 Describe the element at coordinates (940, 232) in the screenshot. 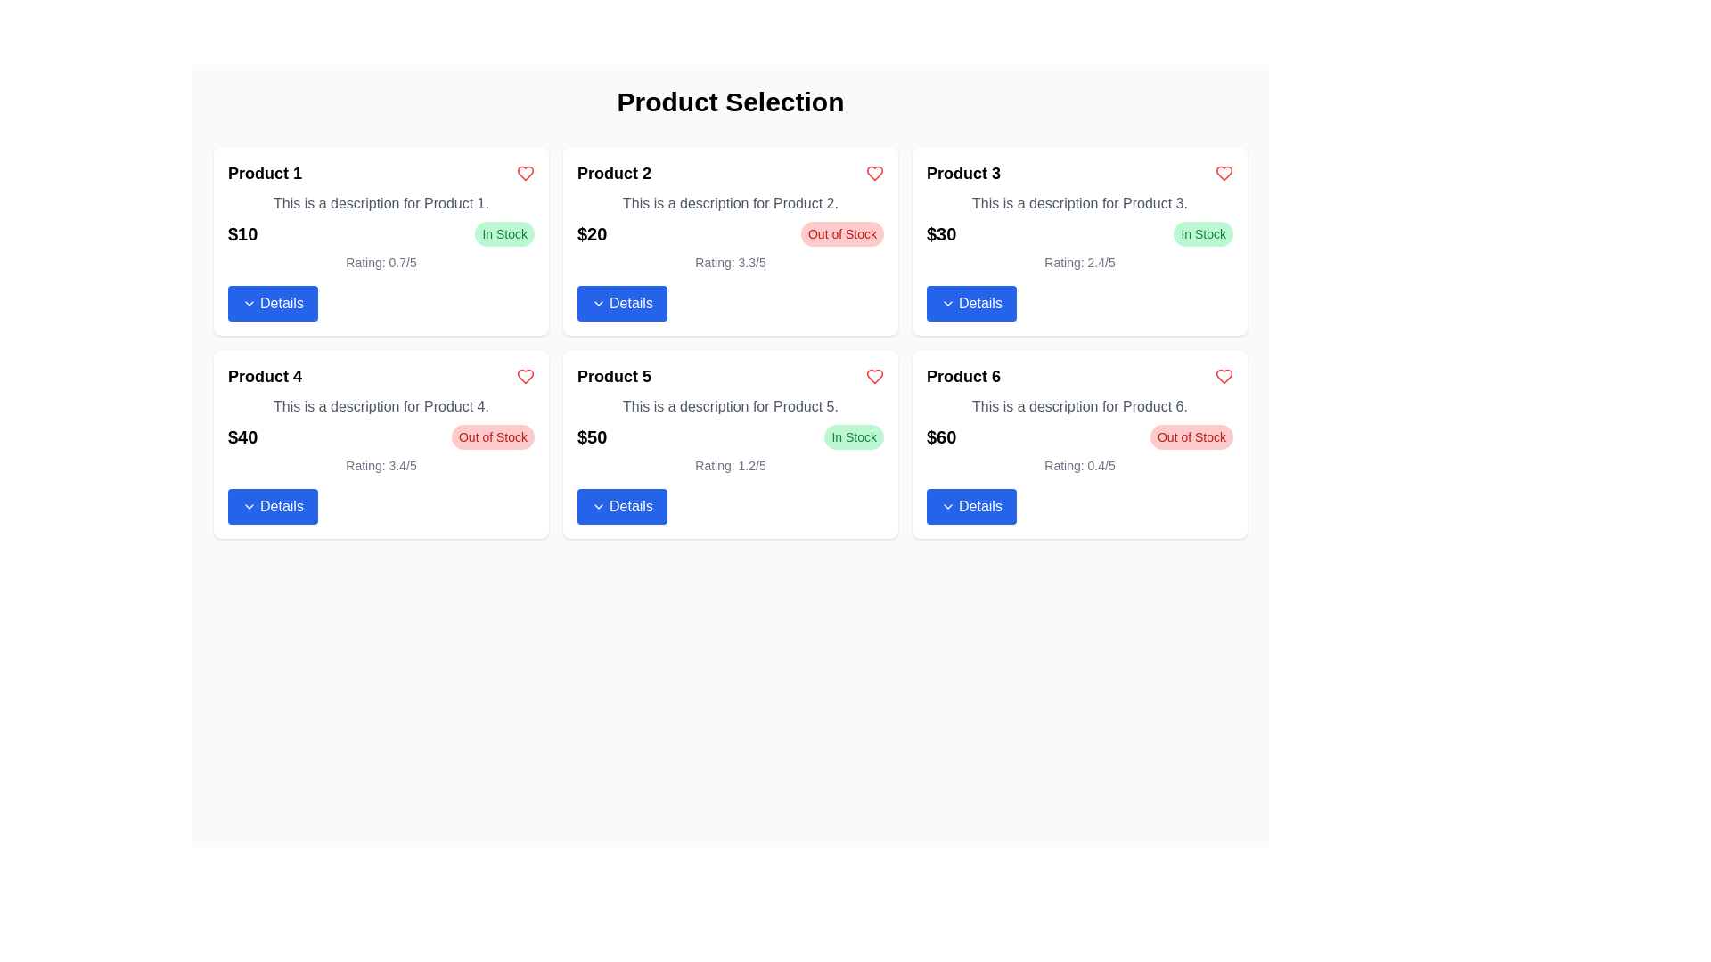

I see `price information displayed on the Text label for Product 3, located above the details button and next to the 'In Stock' label in the price section of the Product 3 card` at that location.